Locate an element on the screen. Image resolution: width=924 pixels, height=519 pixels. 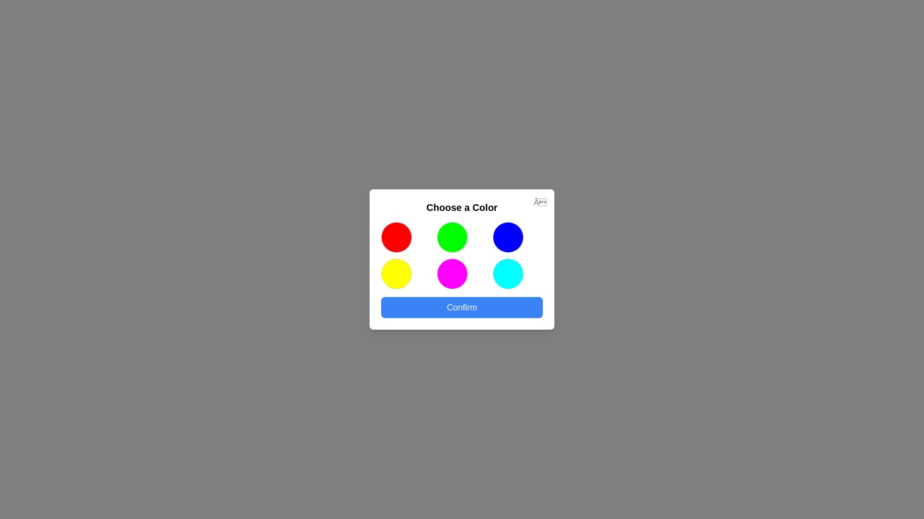
the colored circle corresponding to blue is located at coordinates (508, 237).